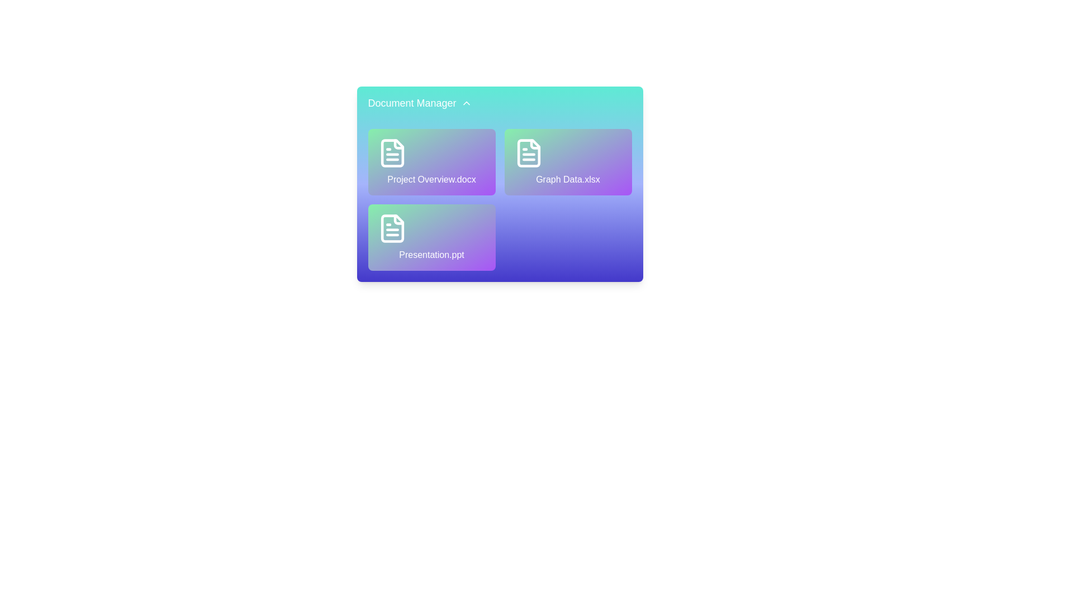 The width and height of the screenshot is (1073, 603). Describe the element at coordinates (419, 102) in the screenshot. I see `the header menu button to toggle the visibility of the file grid` at that location.